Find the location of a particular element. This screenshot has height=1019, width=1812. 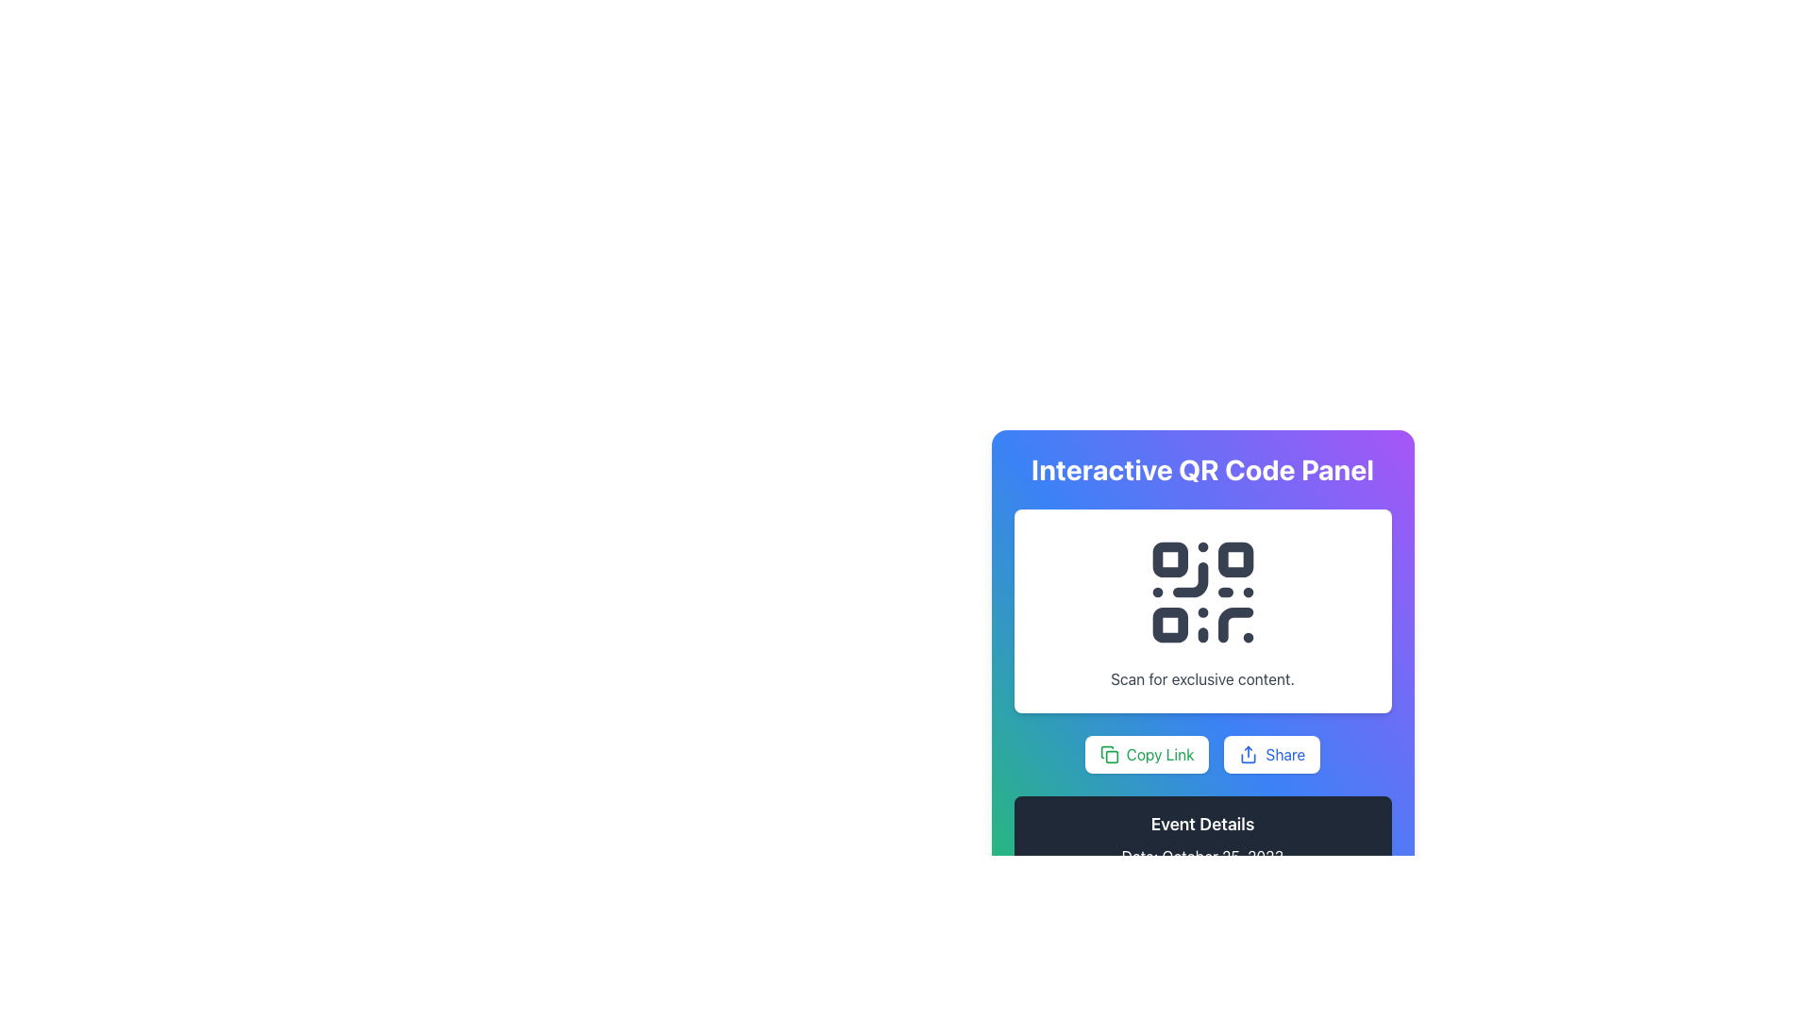

the icon that visually reinforces the function of the 'Copy Link' button located in the left section of the button below a QR code on a colorful gradient card is located at coordinates (1109, 753).